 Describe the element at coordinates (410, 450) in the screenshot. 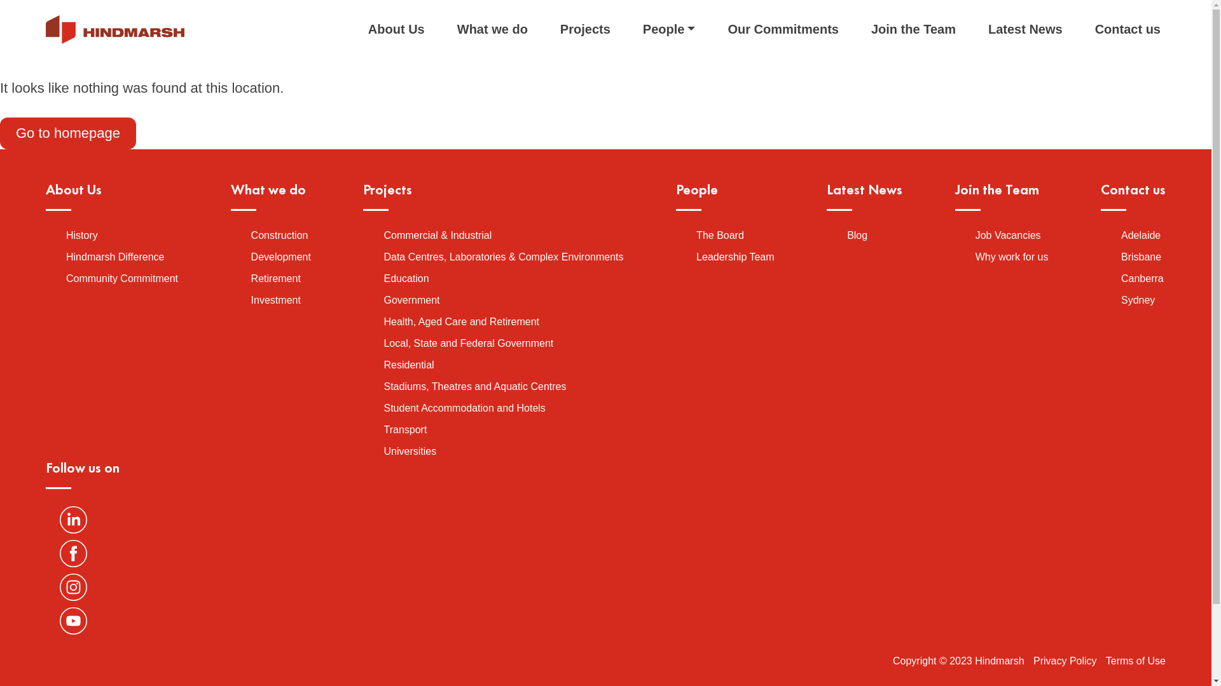

I see `'Universities'` at that location.